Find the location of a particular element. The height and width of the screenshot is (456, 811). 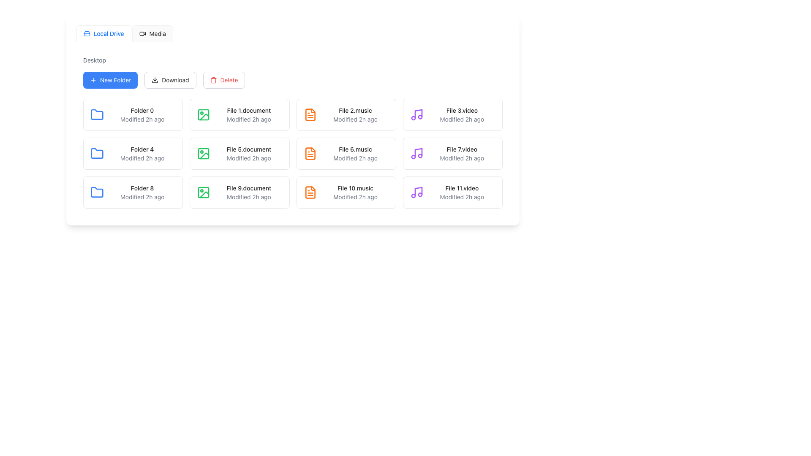

the static text label displaying the last modified time for the file 'File 2.music', located in the second column and second row of the grid layout is located at coordinates (355, 119).